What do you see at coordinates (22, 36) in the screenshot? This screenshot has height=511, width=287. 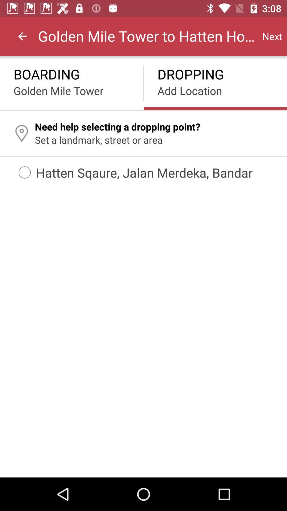 I see `the icon above the boarding item` at bounding box center [22, 36].